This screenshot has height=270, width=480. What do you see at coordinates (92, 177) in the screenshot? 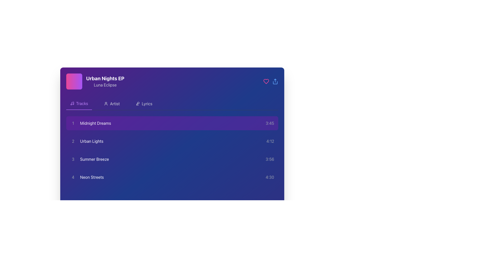
I see `the text label 'Neon Streets' which is styled in white sans-serif font on a blue gradient background, located in the fourth position of the music track listing` at bounding box center [92, 177].